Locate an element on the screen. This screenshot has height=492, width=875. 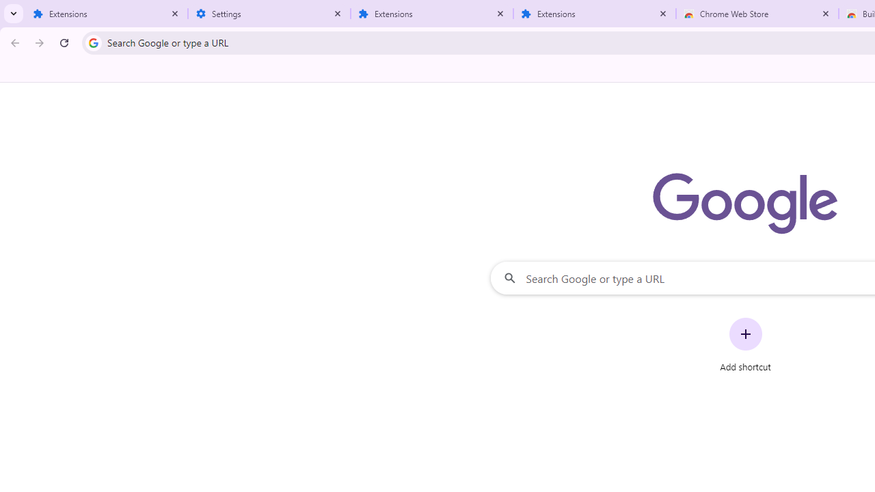
'Extensions' is located at coordinates (106, 14).